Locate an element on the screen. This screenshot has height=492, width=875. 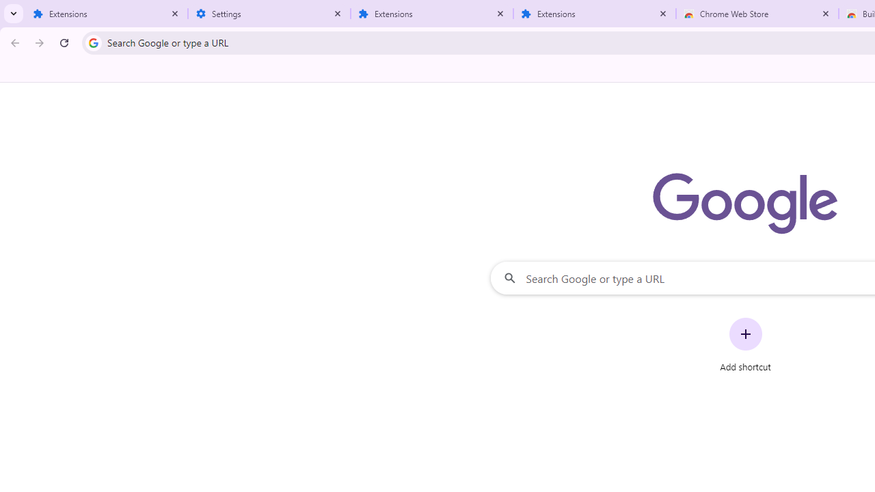
'Extensions' is located at coordinates (106, 14).